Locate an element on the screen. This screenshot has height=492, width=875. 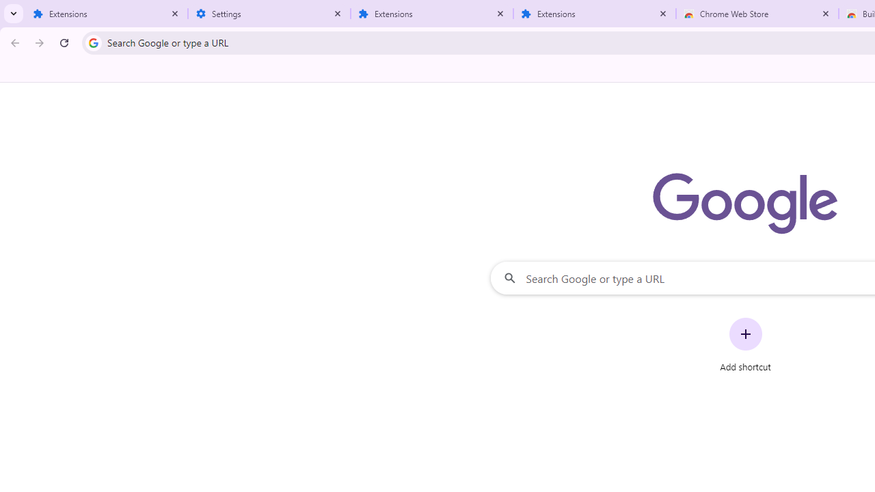
'Extensions' is located at coordinates (106, 14).